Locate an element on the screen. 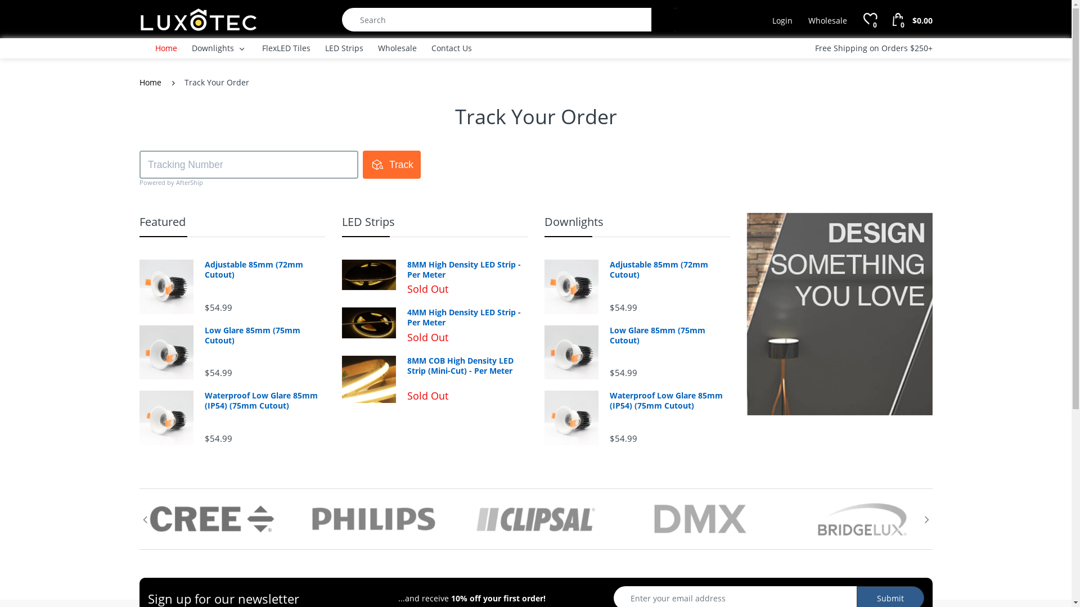  'Login' is located at coordinates (782, 21).